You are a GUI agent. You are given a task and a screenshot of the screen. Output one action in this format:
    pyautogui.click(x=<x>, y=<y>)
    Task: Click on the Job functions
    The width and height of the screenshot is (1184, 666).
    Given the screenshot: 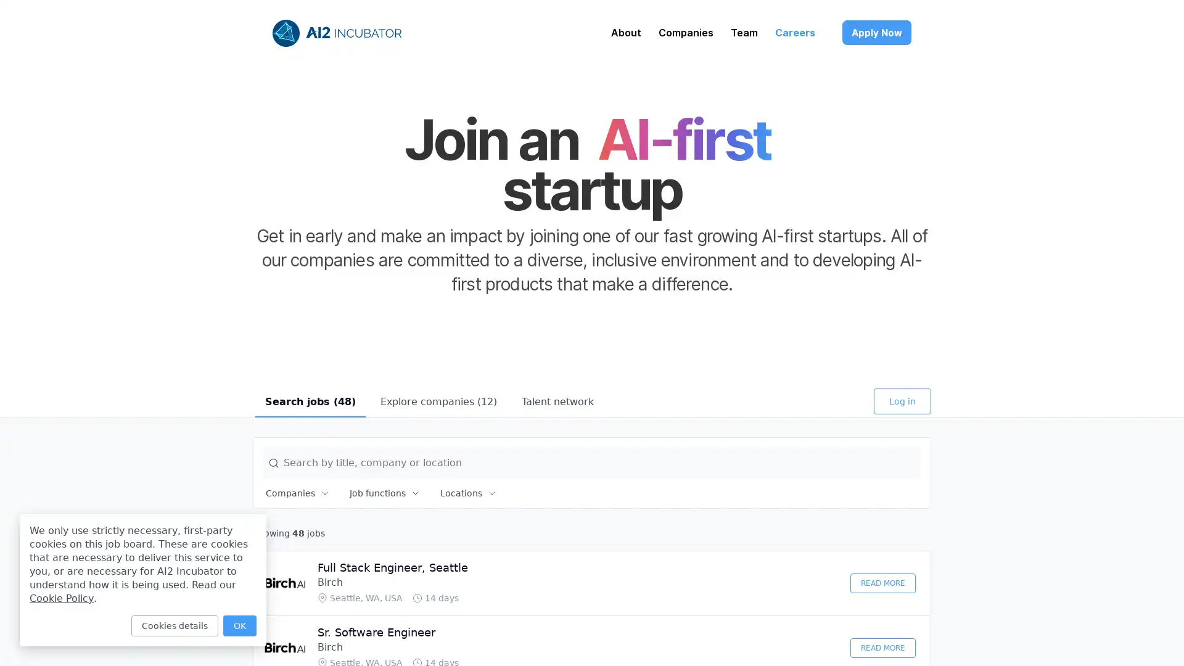 What is the action you would take?
    pyautogui.click(x=384, y=491)
    